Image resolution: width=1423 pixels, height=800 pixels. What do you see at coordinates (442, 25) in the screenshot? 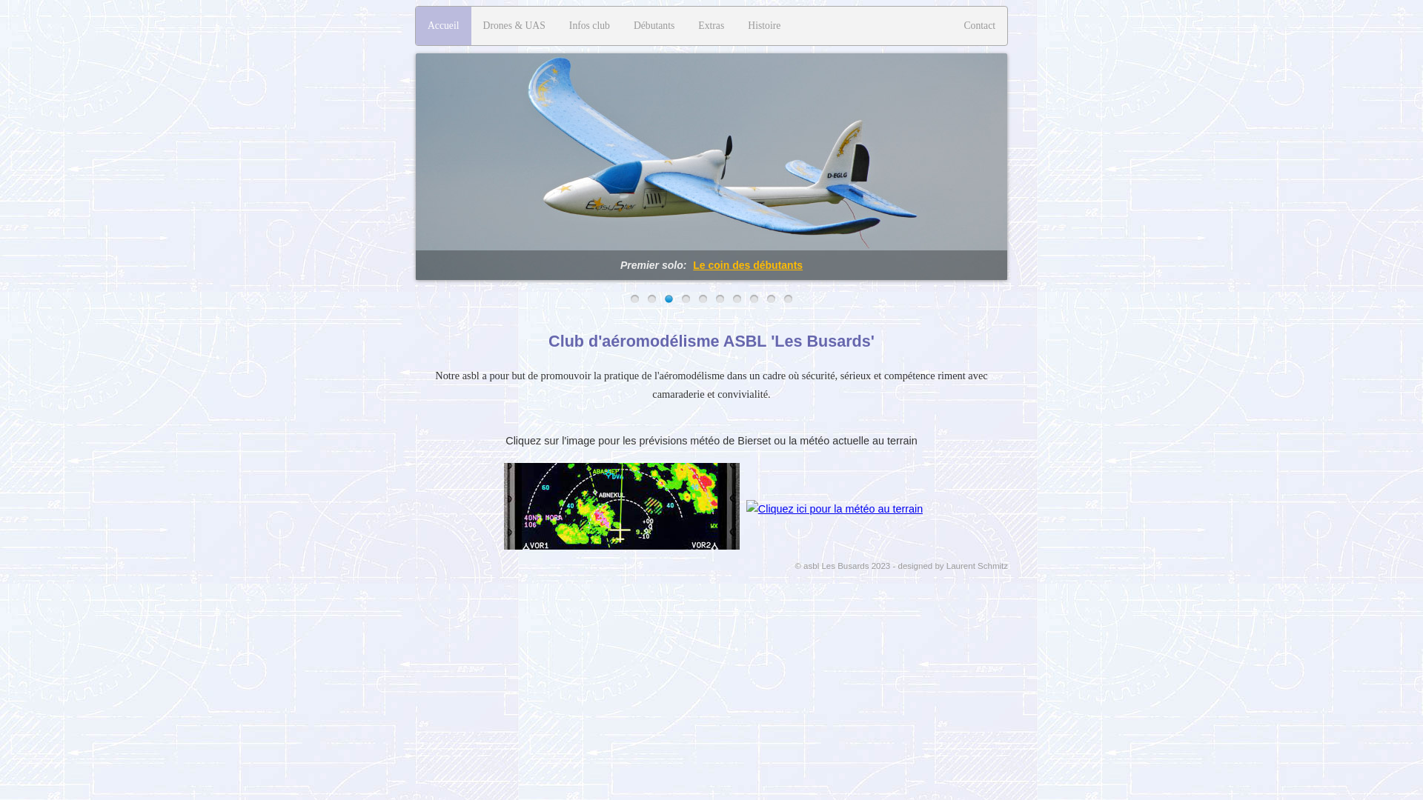
I see `'Accueil'` at bounding box center [442, 25].